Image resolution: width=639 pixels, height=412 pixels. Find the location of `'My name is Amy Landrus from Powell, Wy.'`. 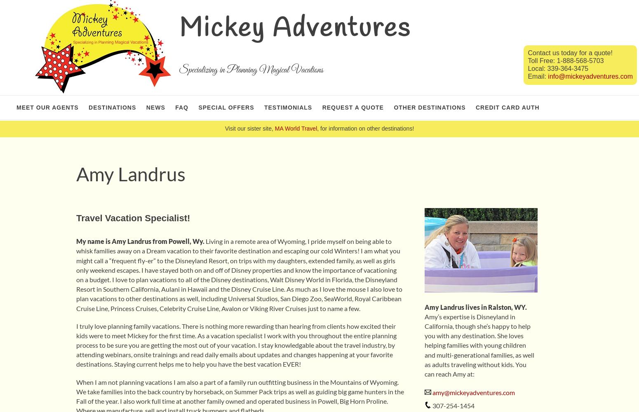

'My name is Amy Landrus from Powell, Wy.' is located at coordinates (140, 241).